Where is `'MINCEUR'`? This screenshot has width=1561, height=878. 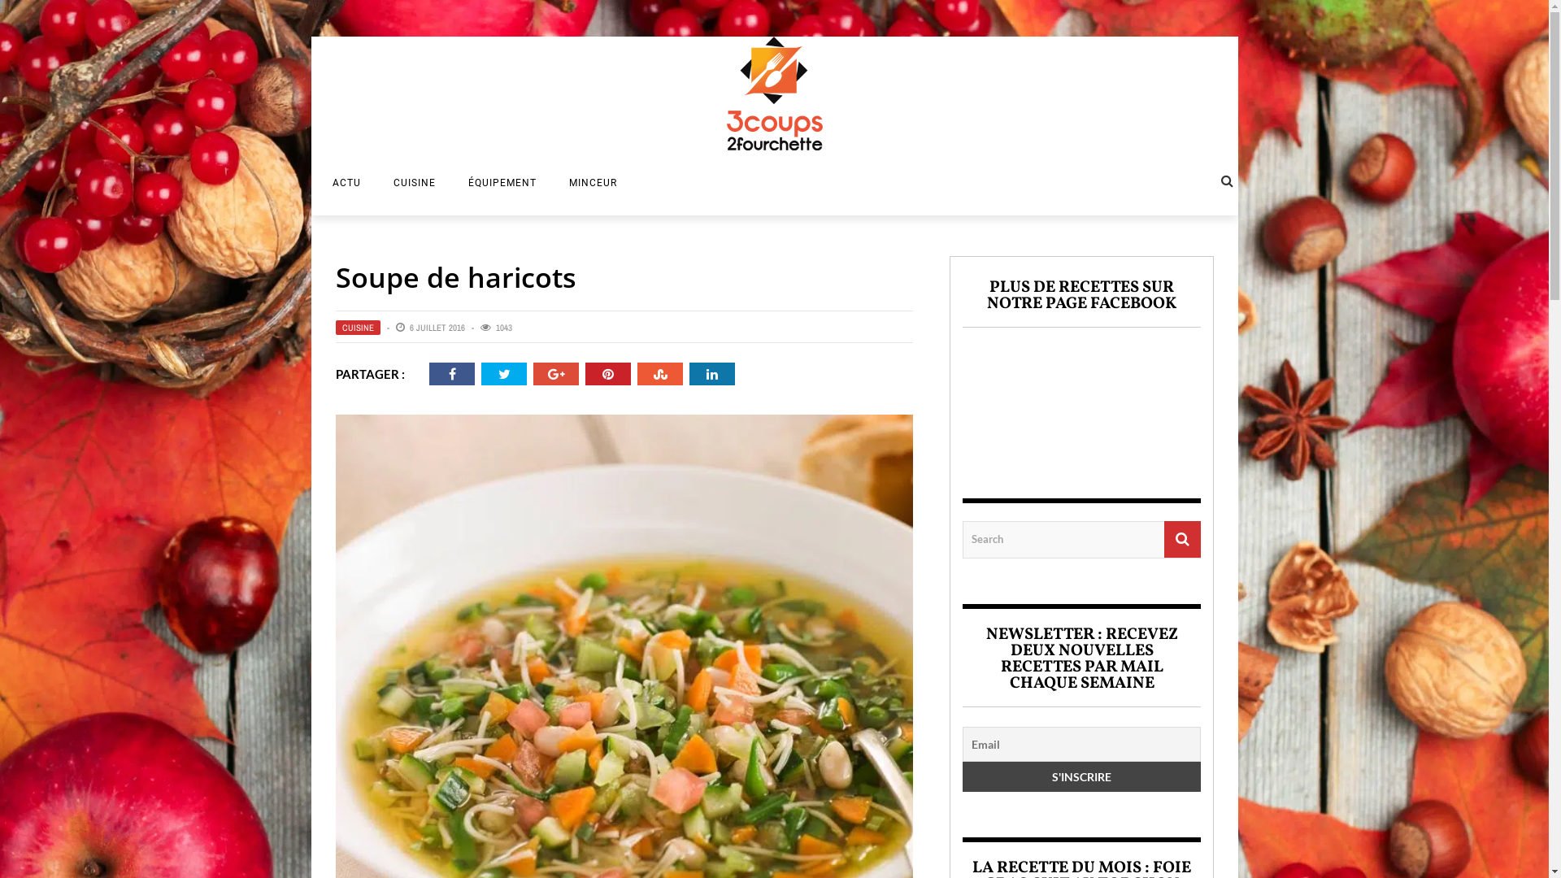
'MINCEUR' is located at coordinates (553, 182).